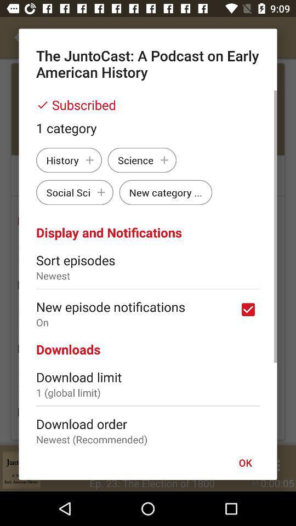 The image size is (296, 526). I want to click on item below subscribed, so click(148, 128).